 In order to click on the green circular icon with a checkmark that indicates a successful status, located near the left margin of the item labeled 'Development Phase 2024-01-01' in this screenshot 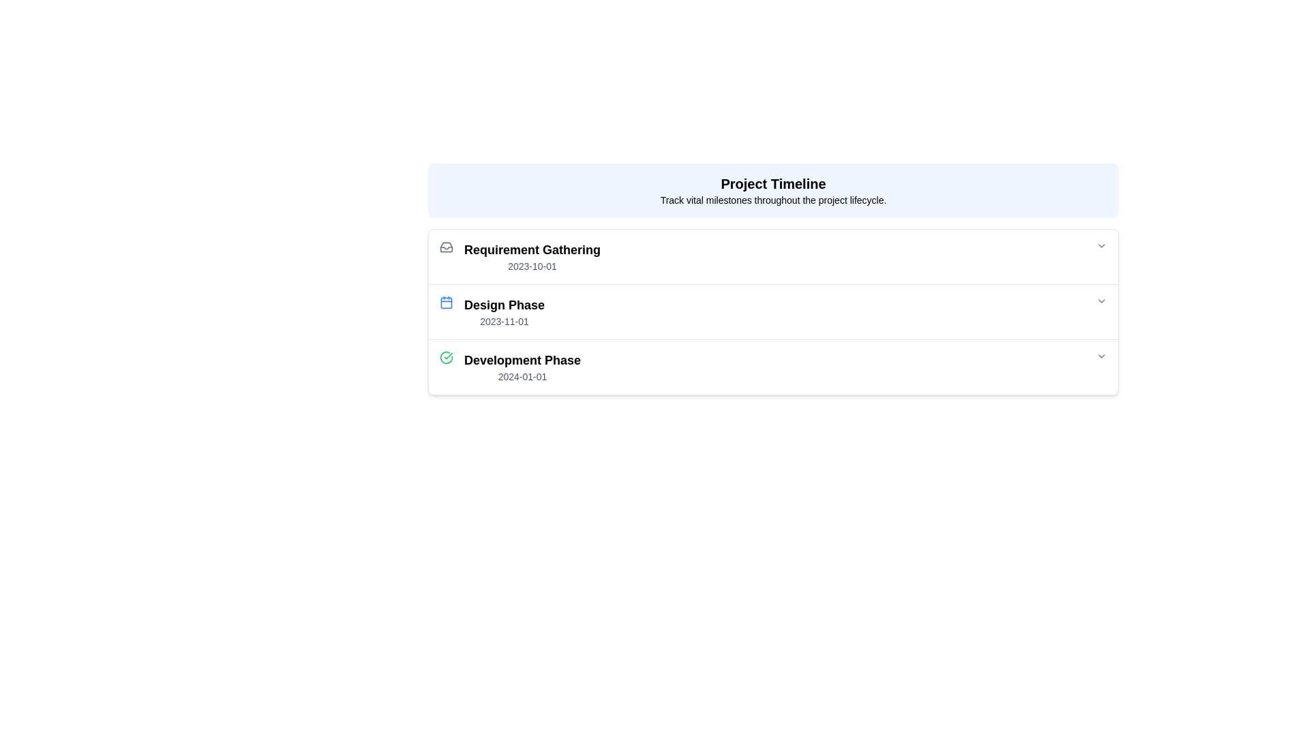, I will do `click(446, 367)`.